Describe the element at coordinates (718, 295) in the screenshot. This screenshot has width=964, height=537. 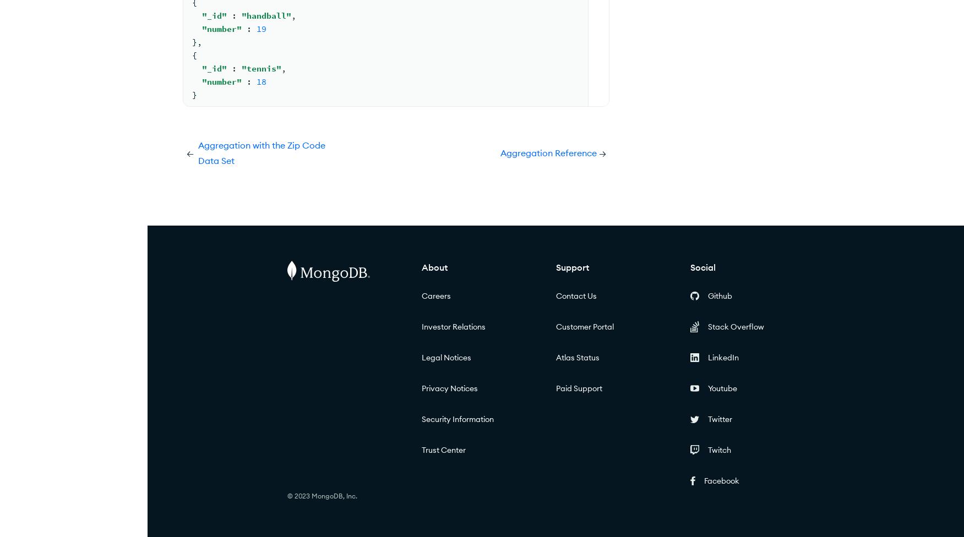
I see `'Github'` at that location.